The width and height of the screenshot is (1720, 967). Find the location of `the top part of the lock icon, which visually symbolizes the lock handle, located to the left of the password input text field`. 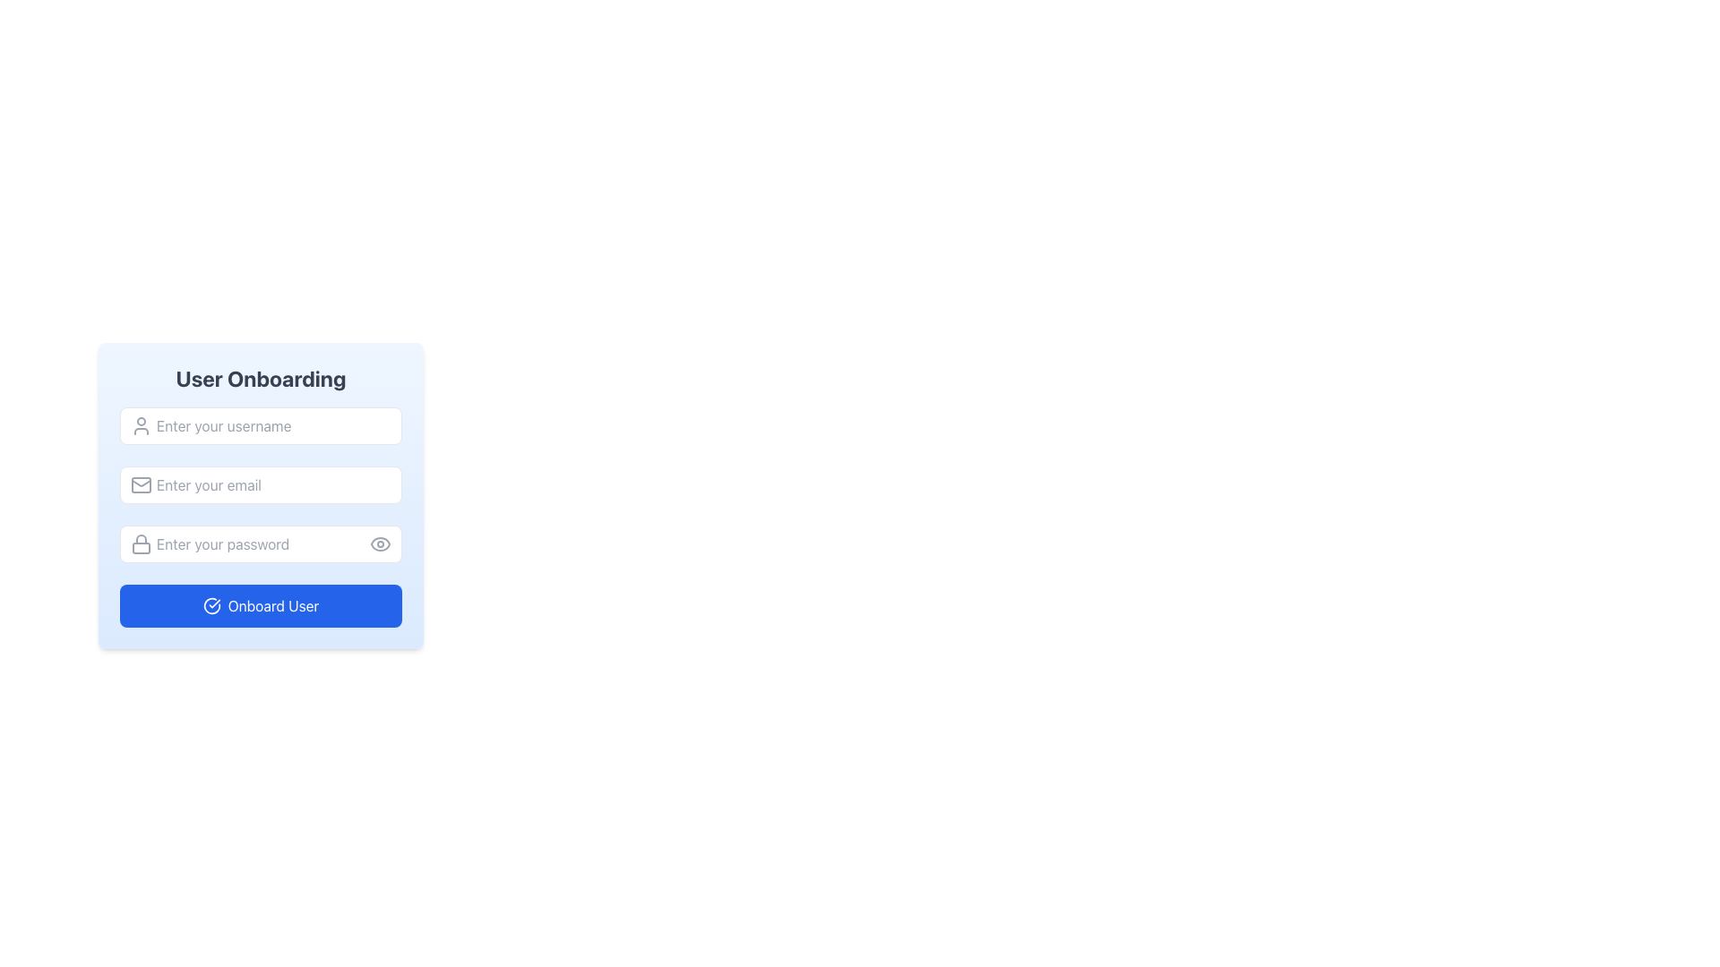

the top part of the lock icon, which visually symbolizes the lock handle, located to the left of the password input text field is located at coordinates (141, 538).